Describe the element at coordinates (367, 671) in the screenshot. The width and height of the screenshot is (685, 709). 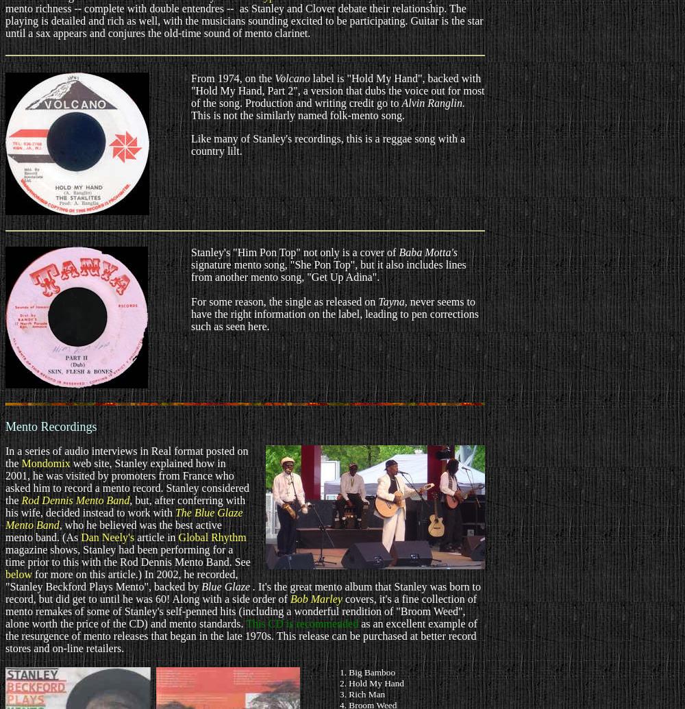
I see `'1. Big Bamboo'` at that location.